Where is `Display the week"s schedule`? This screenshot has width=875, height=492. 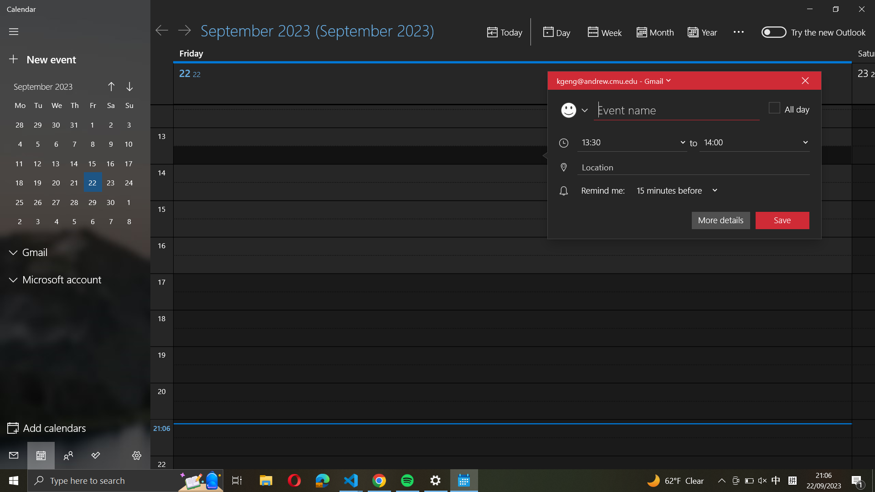 Display the week"s schedule is located at coordinates (603, 32).